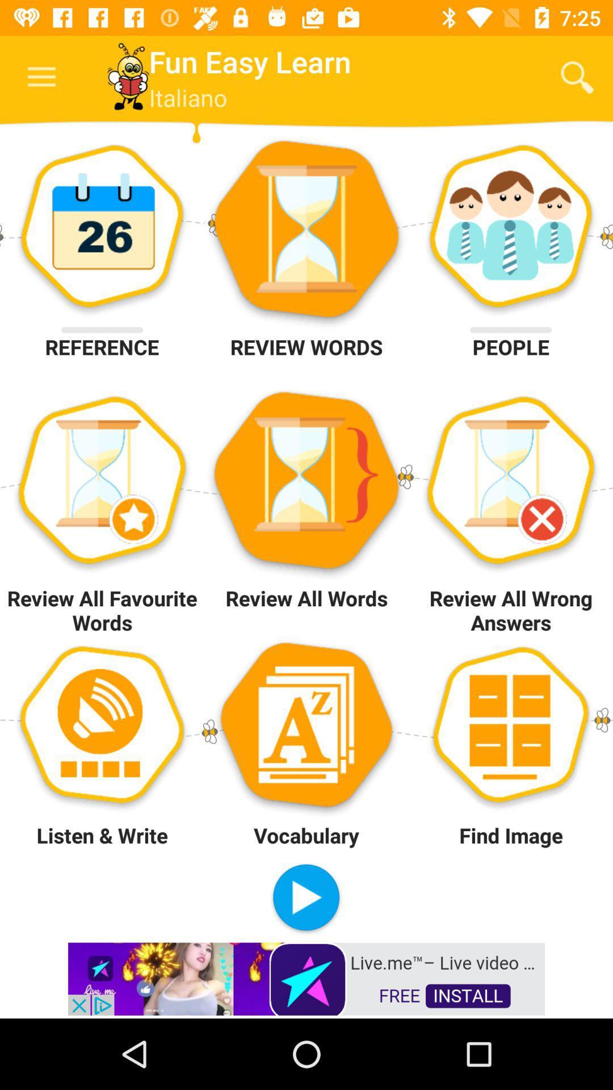 This screenshot has width=613, height=1090. Describe the element at coordinates (306, 978) in the screenshot. I see `advertisement link to download` at that location.